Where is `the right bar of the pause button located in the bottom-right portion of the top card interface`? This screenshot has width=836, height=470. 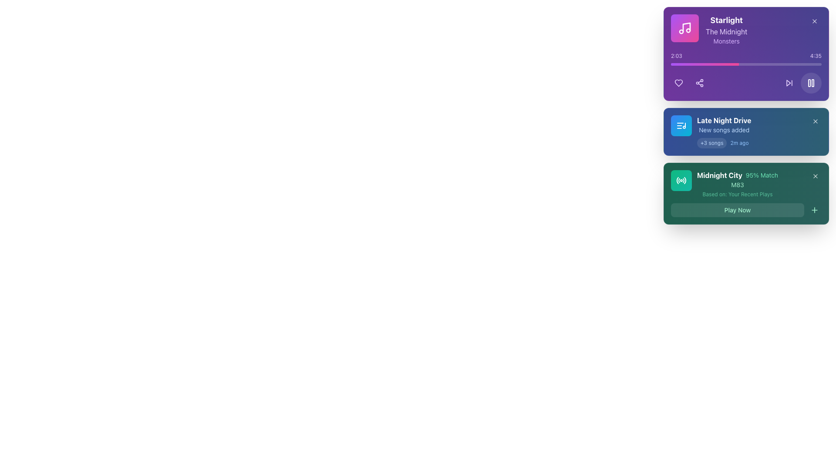 the right bar of the pause button located in the bottom-right portion of the top card interface is located at coordinates (812, 83).